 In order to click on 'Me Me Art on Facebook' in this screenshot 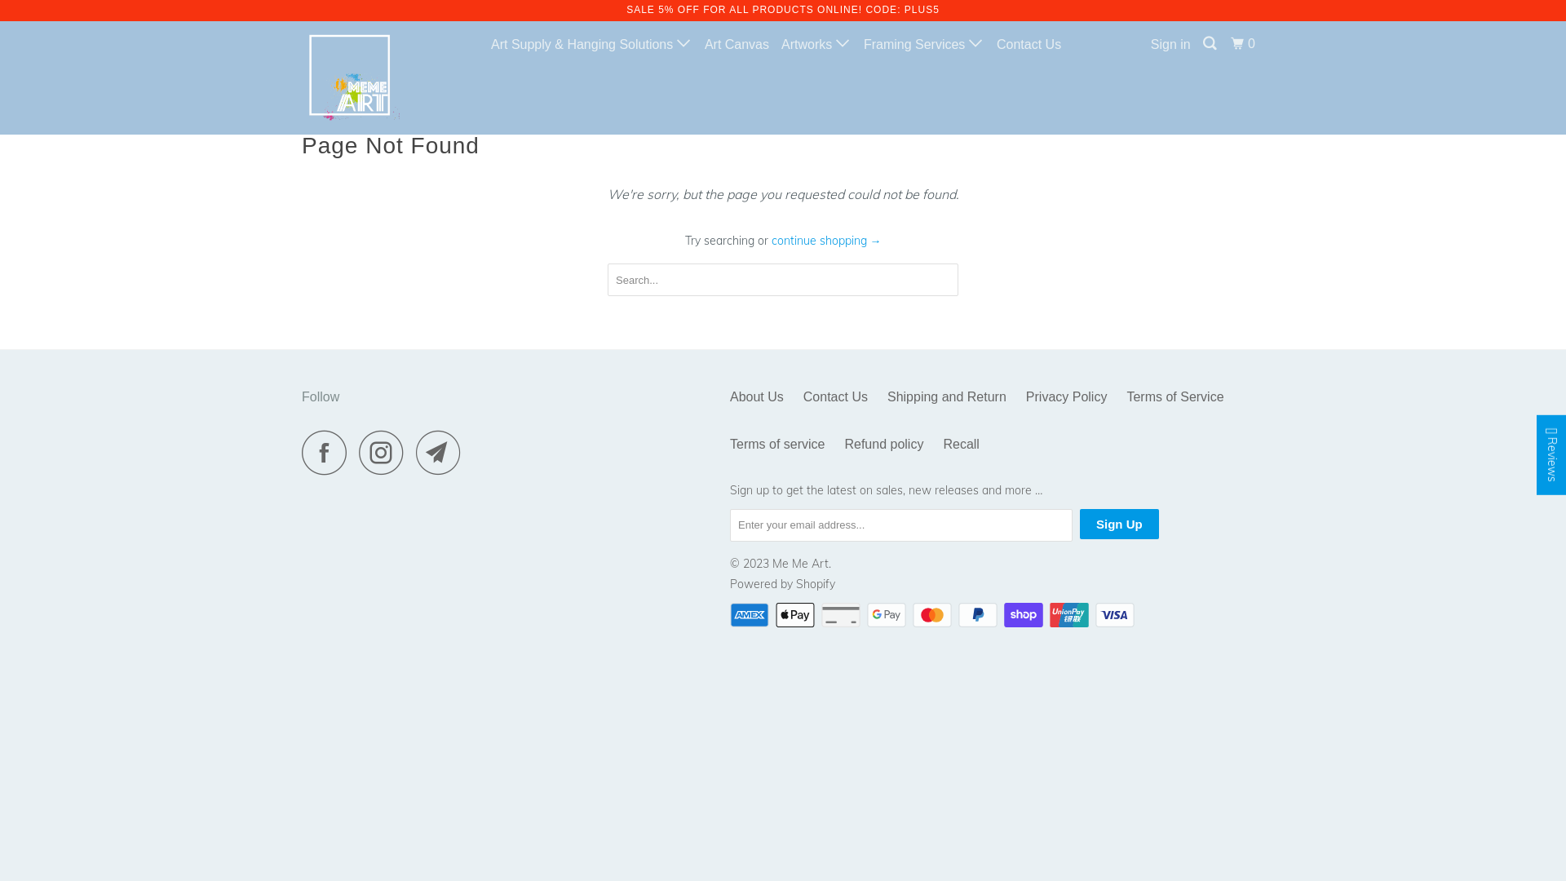, I will do `click(301, 452)`.